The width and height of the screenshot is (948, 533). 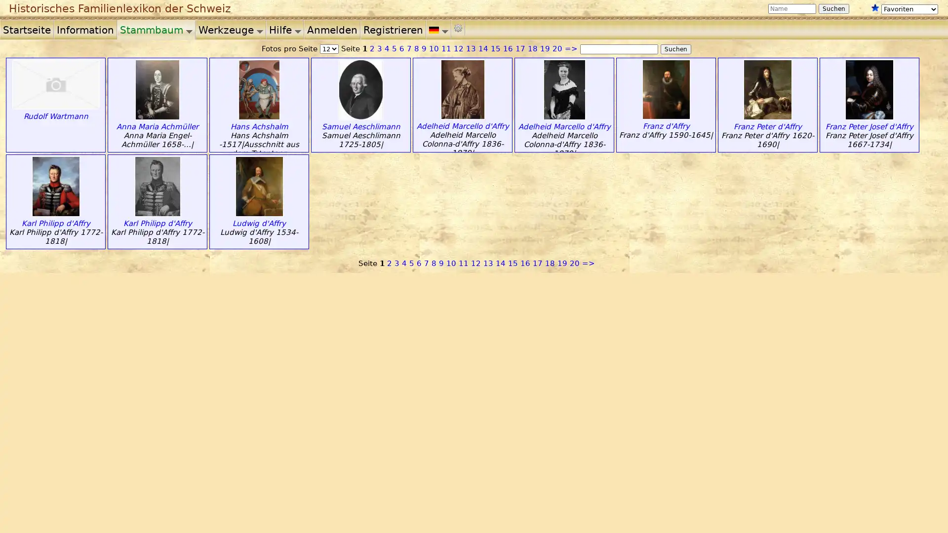 I want to click on Suchen, so click(x=833, y=9).